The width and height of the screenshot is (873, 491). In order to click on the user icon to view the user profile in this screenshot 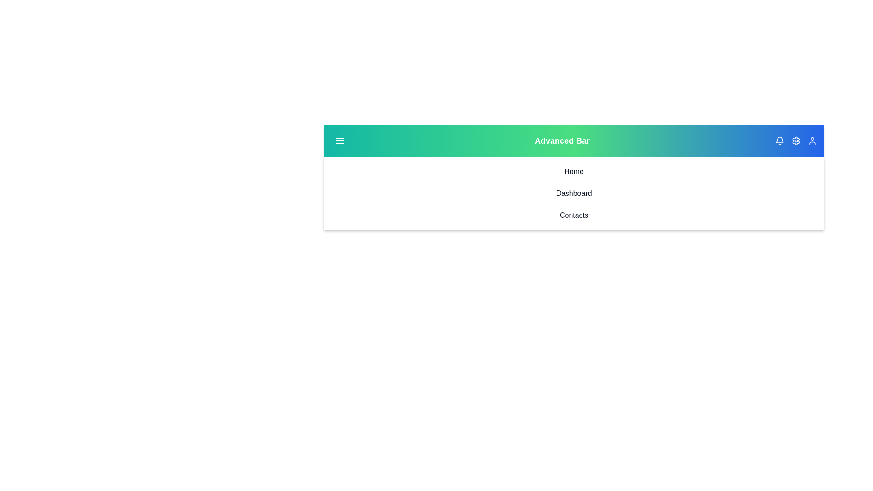, I will do `click(812, 140)`.